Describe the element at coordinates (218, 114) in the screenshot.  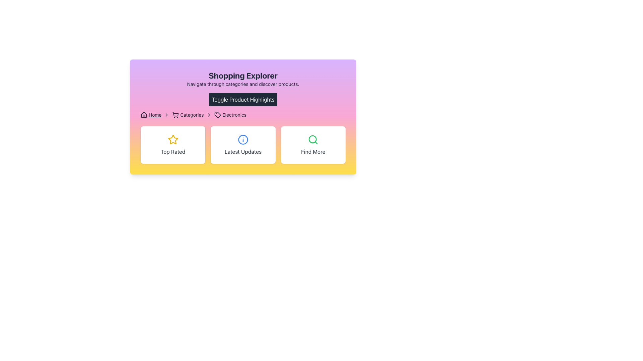
I see `the tag-shaped icon in the breadcrumb navigation area, located before the text 'Electronics'` at that location.